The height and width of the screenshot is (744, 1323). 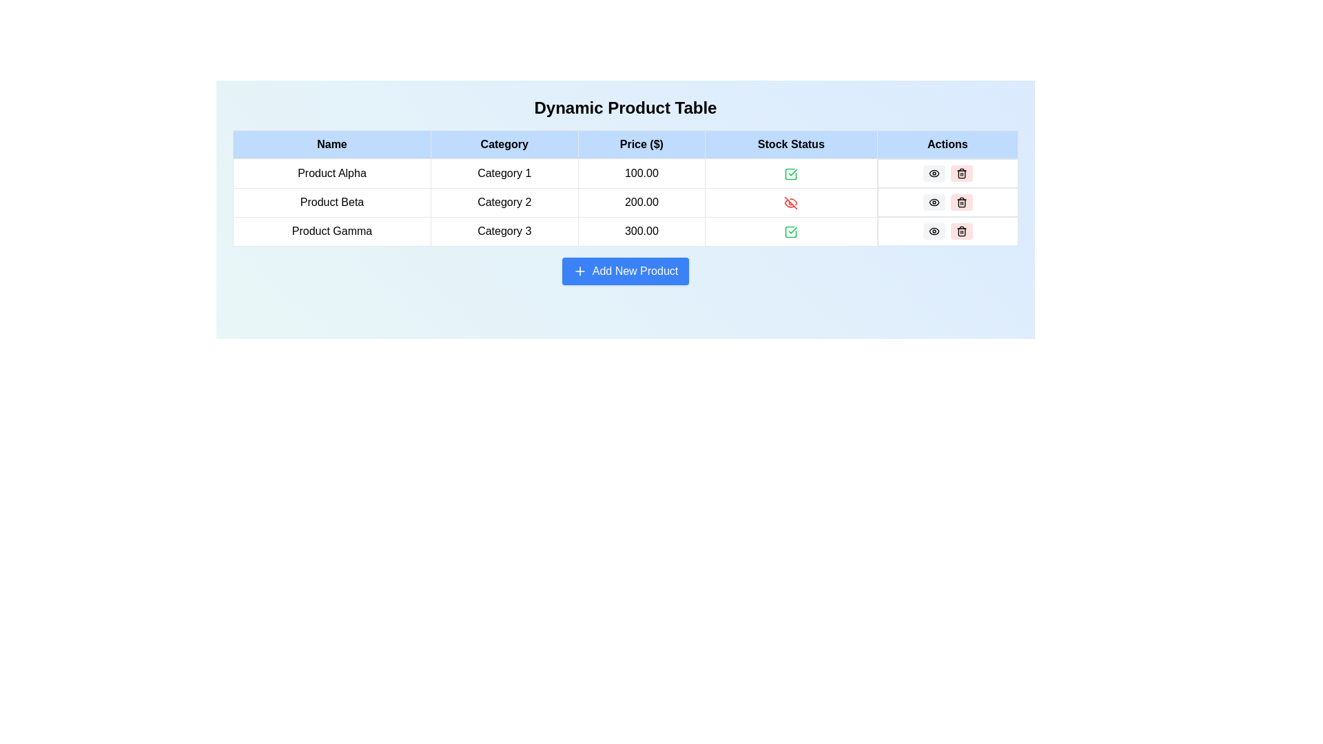 What do you see at coordinates (961, 231) in the screenshot?
I see `the trash icon located in the 'Actions' column of the last row for 'Product Gamma'` at bounding box center [961, 231].